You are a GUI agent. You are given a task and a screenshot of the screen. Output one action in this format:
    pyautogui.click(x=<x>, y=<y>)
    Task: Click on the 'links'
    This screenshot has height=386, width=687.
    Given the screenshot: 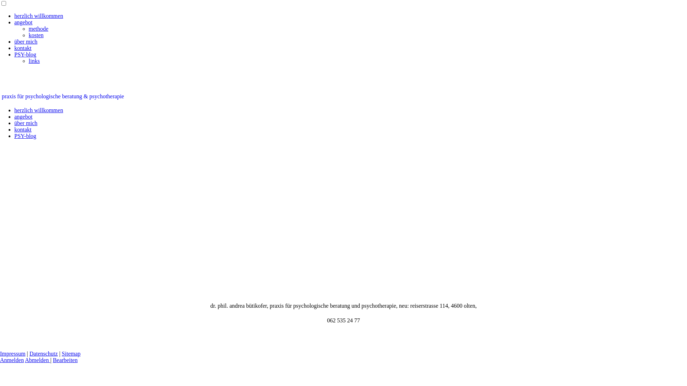 What is the action you would take?
    pyautogui.click(x=34, y=60)
    